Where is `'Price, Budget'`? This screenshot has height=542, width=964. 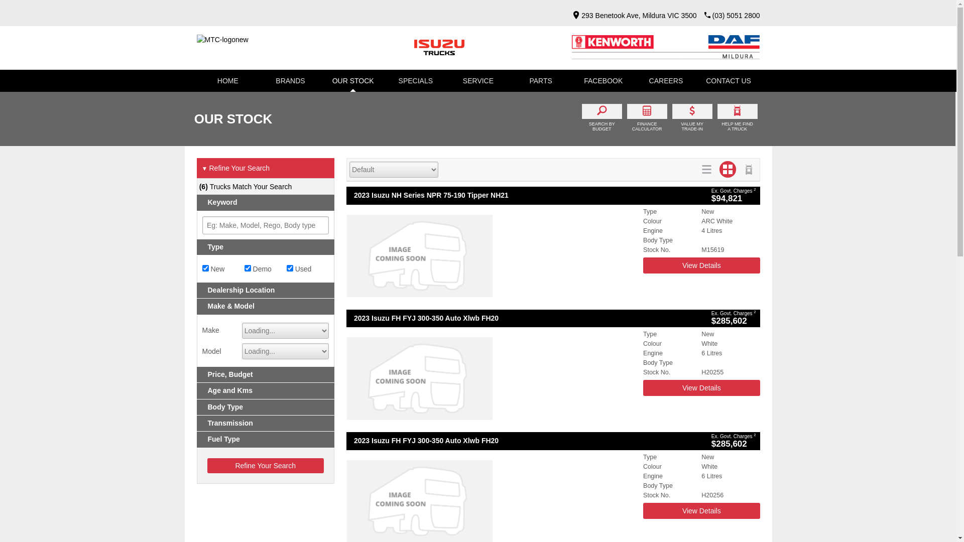
'Price, Budget' is located at coordinates (266, 374).